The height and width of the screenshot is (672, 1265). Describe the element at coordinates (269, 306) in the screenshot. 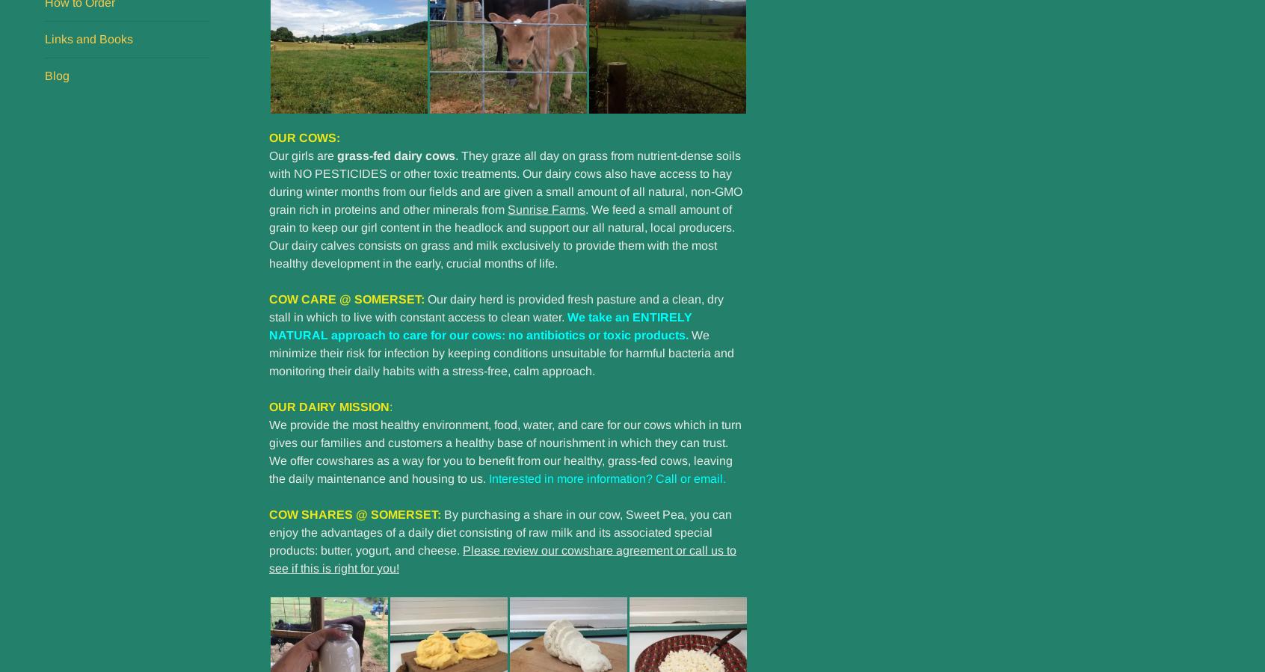

I see `'Our dairy herd is provided fresh pasture and a clean, dry stall in which to live with constant access to clean water.'` at that location.